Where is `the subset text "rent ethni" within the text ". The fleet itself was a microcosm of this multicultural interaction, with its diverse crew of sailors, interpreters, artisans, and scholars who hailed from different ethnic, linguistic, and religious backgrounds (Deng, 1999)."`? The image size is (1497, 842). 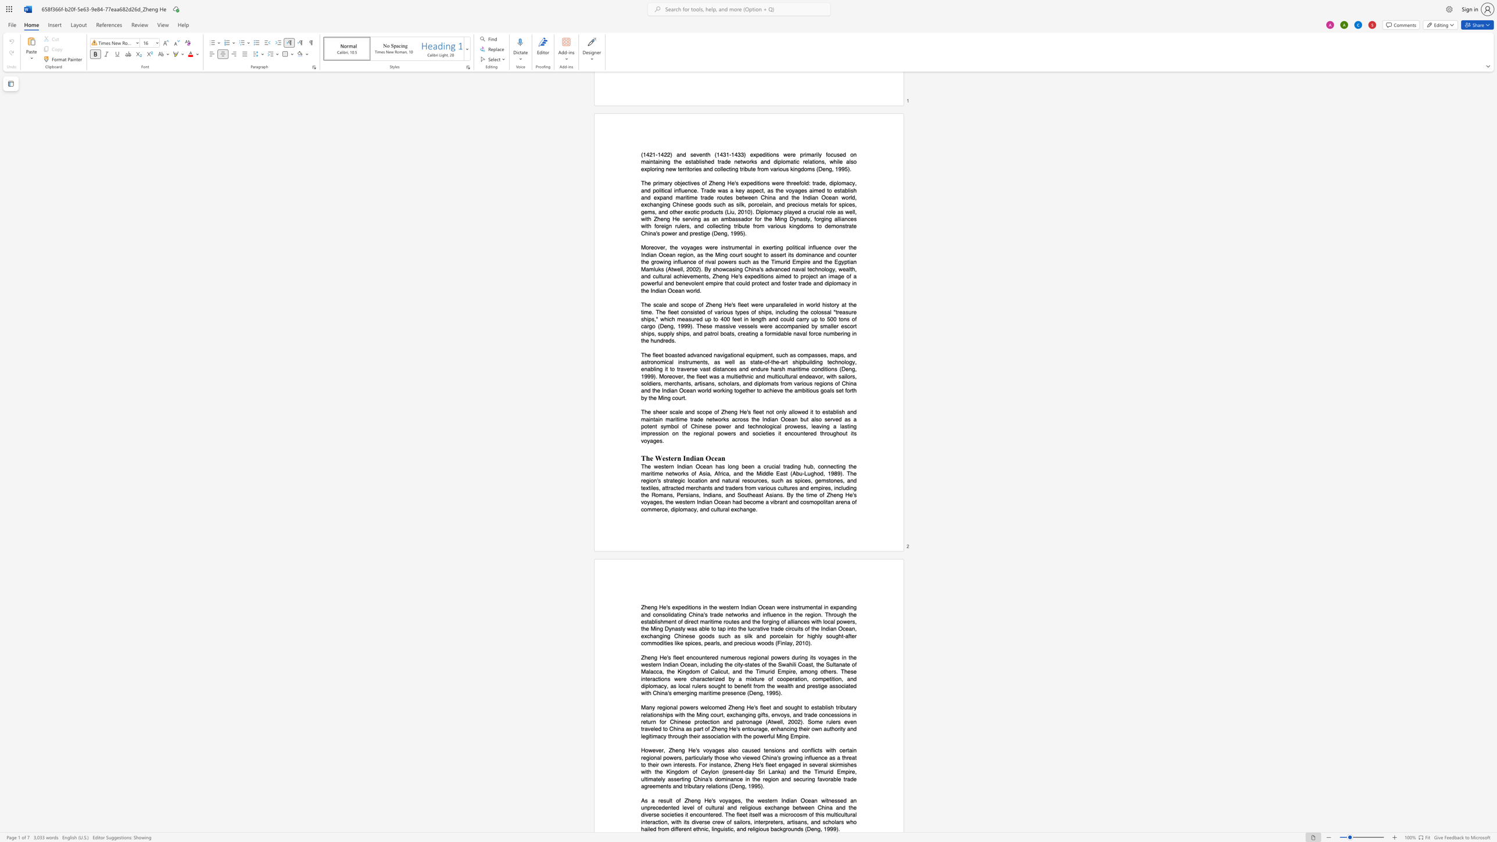 the subset text "rent ethni" within the text ". The fleet itself was a microcosm of this multicultural interaction, with its diverse crew of sailors, interpreters, artisans, and scholars who hailed from different ethnic, linguistic, and religious backgrounds (Deng, 1999)." is located at coordinates (681, 829).